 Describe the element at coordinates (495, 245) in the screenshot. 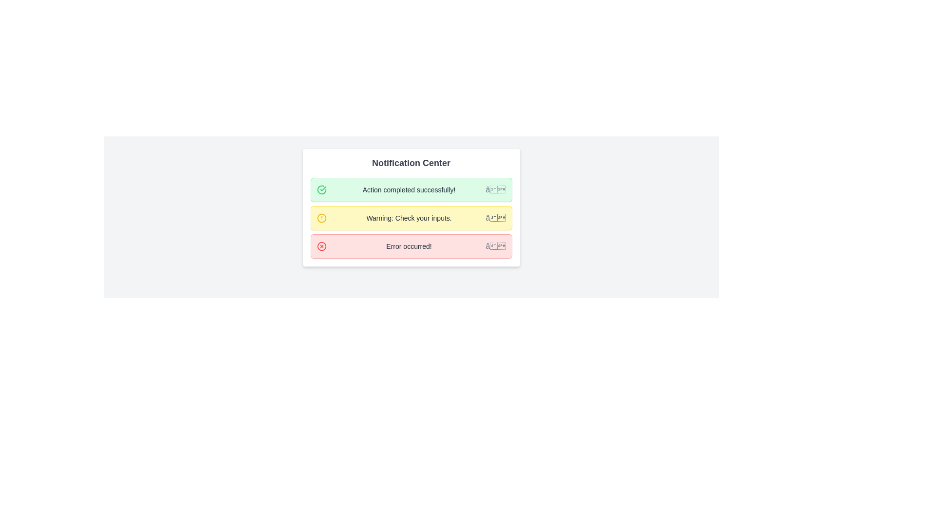

I see `the accessibility navigation button represented by a gray 'X' icon at the far-right end of the red 'Error occurred!' notification bar` at that location.